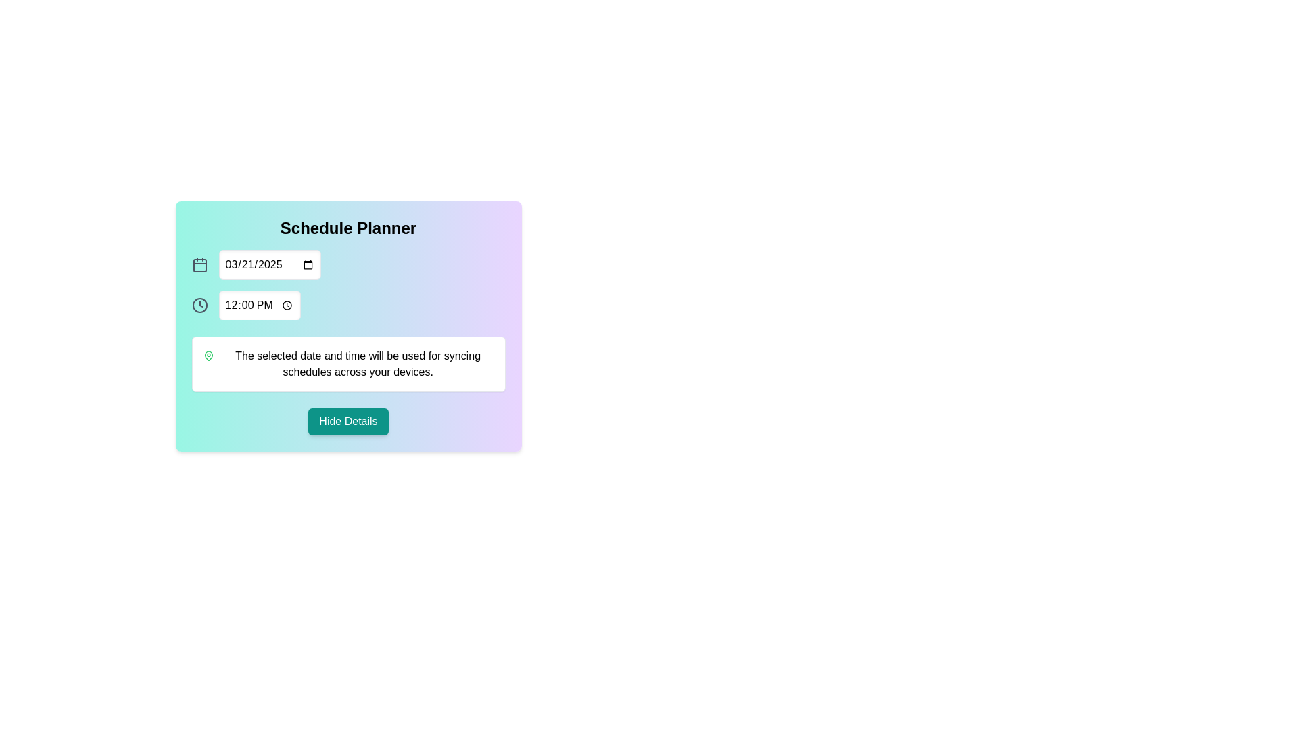 The width and height of the screenshot is (1298, 730). Describe the element at coordinates (358, 364) in the screenshot. I see `the text block that provides supplementary information regarding the selection of date and time, positioned below the time picker control` at that location.